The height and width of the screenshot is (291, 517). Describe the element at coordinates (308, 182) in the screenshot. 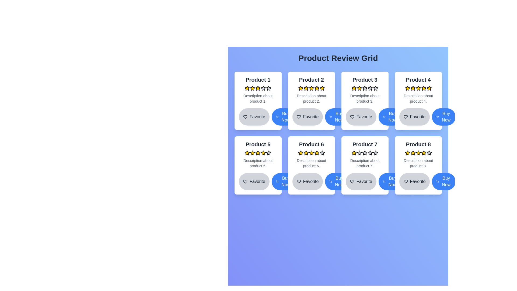

I see `the 'Favorite' button with a heart icon located in the second row, third column of the grid layout for 'Product 6'` at that location.